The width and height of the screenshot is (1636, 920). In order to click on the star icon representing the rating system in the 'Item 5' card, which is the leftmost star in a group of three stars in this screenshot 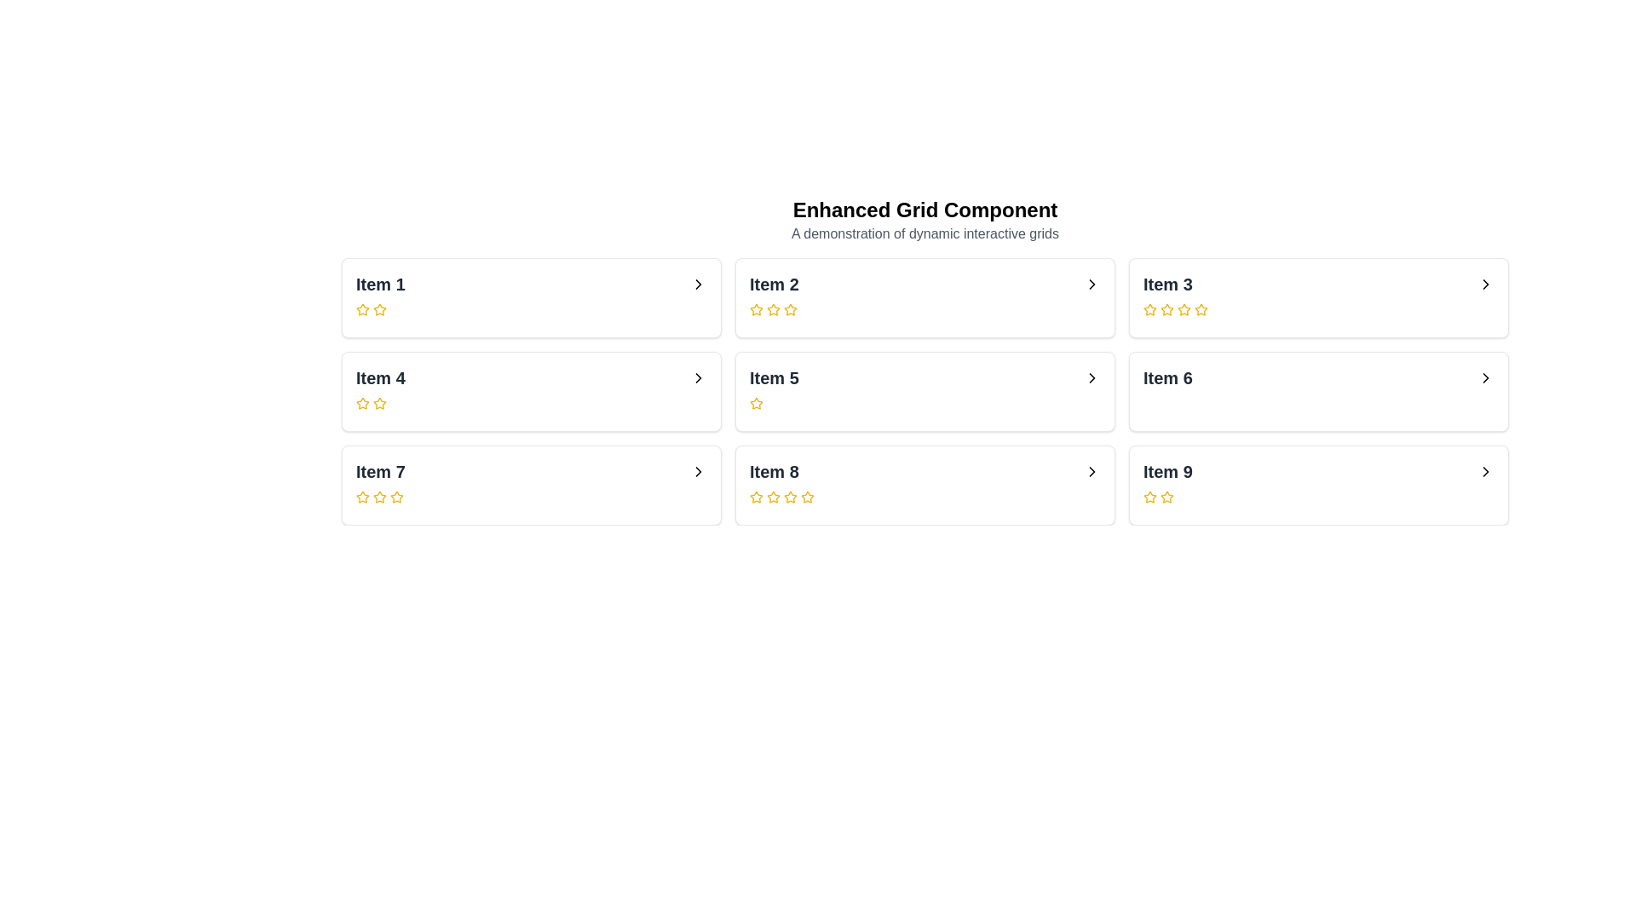, I will do `click(756, 404)`.